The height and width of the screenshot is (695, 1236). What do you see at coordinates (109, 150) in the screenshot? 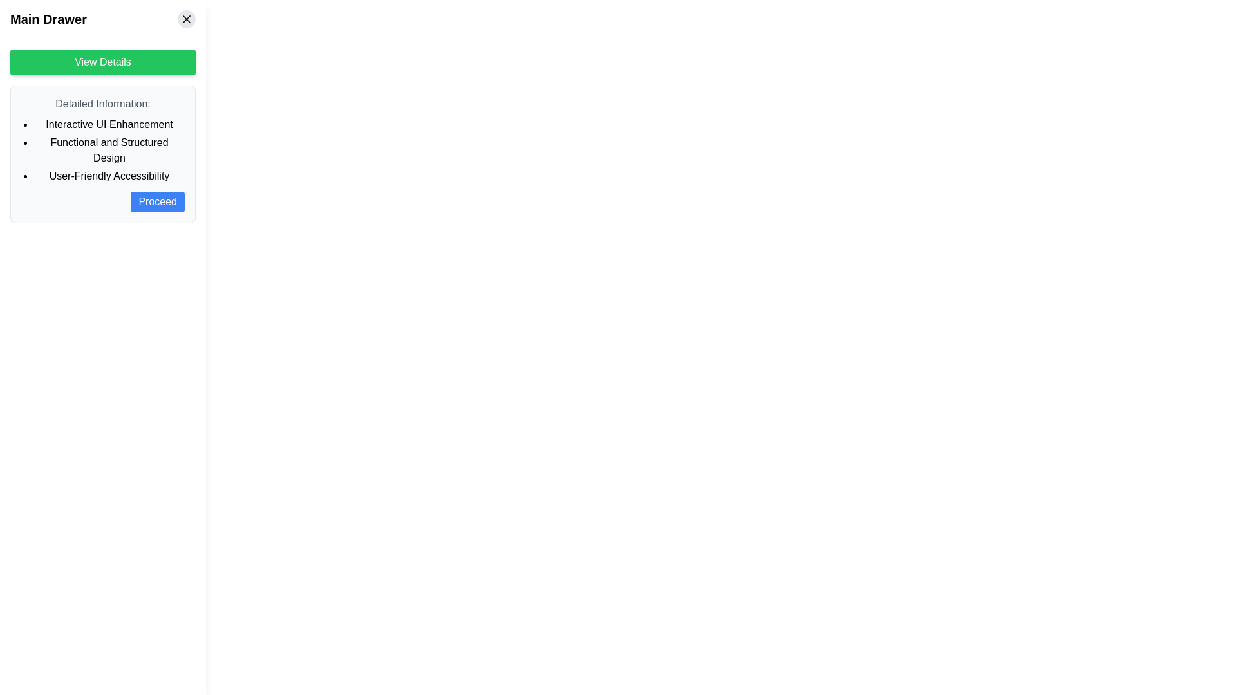
I see `the static text element that is the second item in a bulleted list, located within the 'Detailed Information' section, positioned below 'Interactive UI Enhancement' and above 'User-Friendly Accessibility'` at bounding box center [109, 150].